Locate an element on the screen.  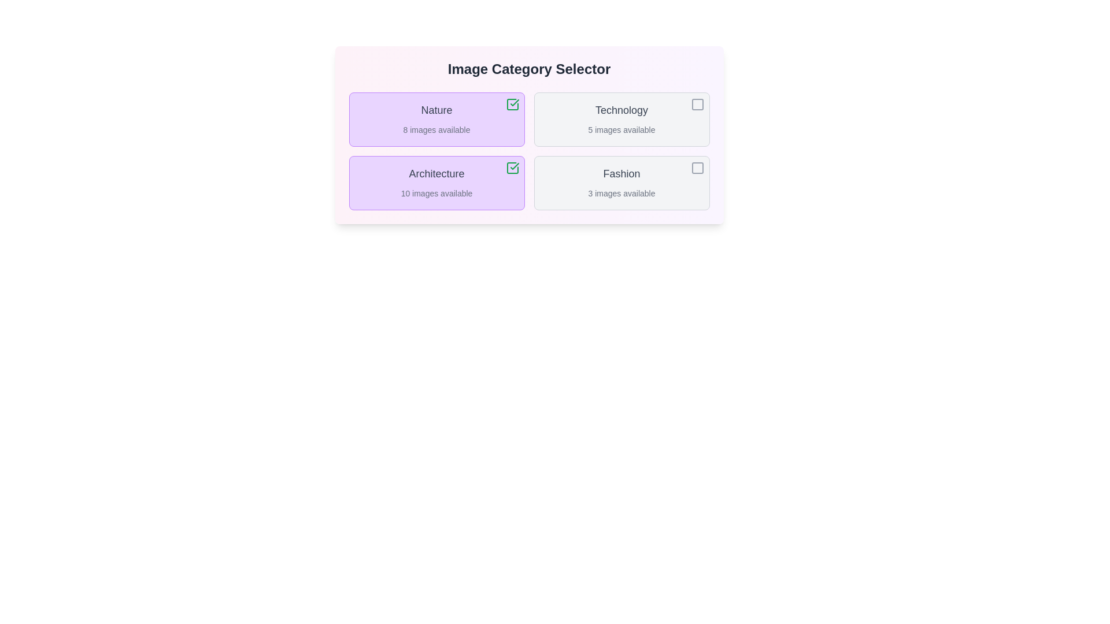
the category Fashion by clicking on its corresponding box is located at coordinates (621, 182).